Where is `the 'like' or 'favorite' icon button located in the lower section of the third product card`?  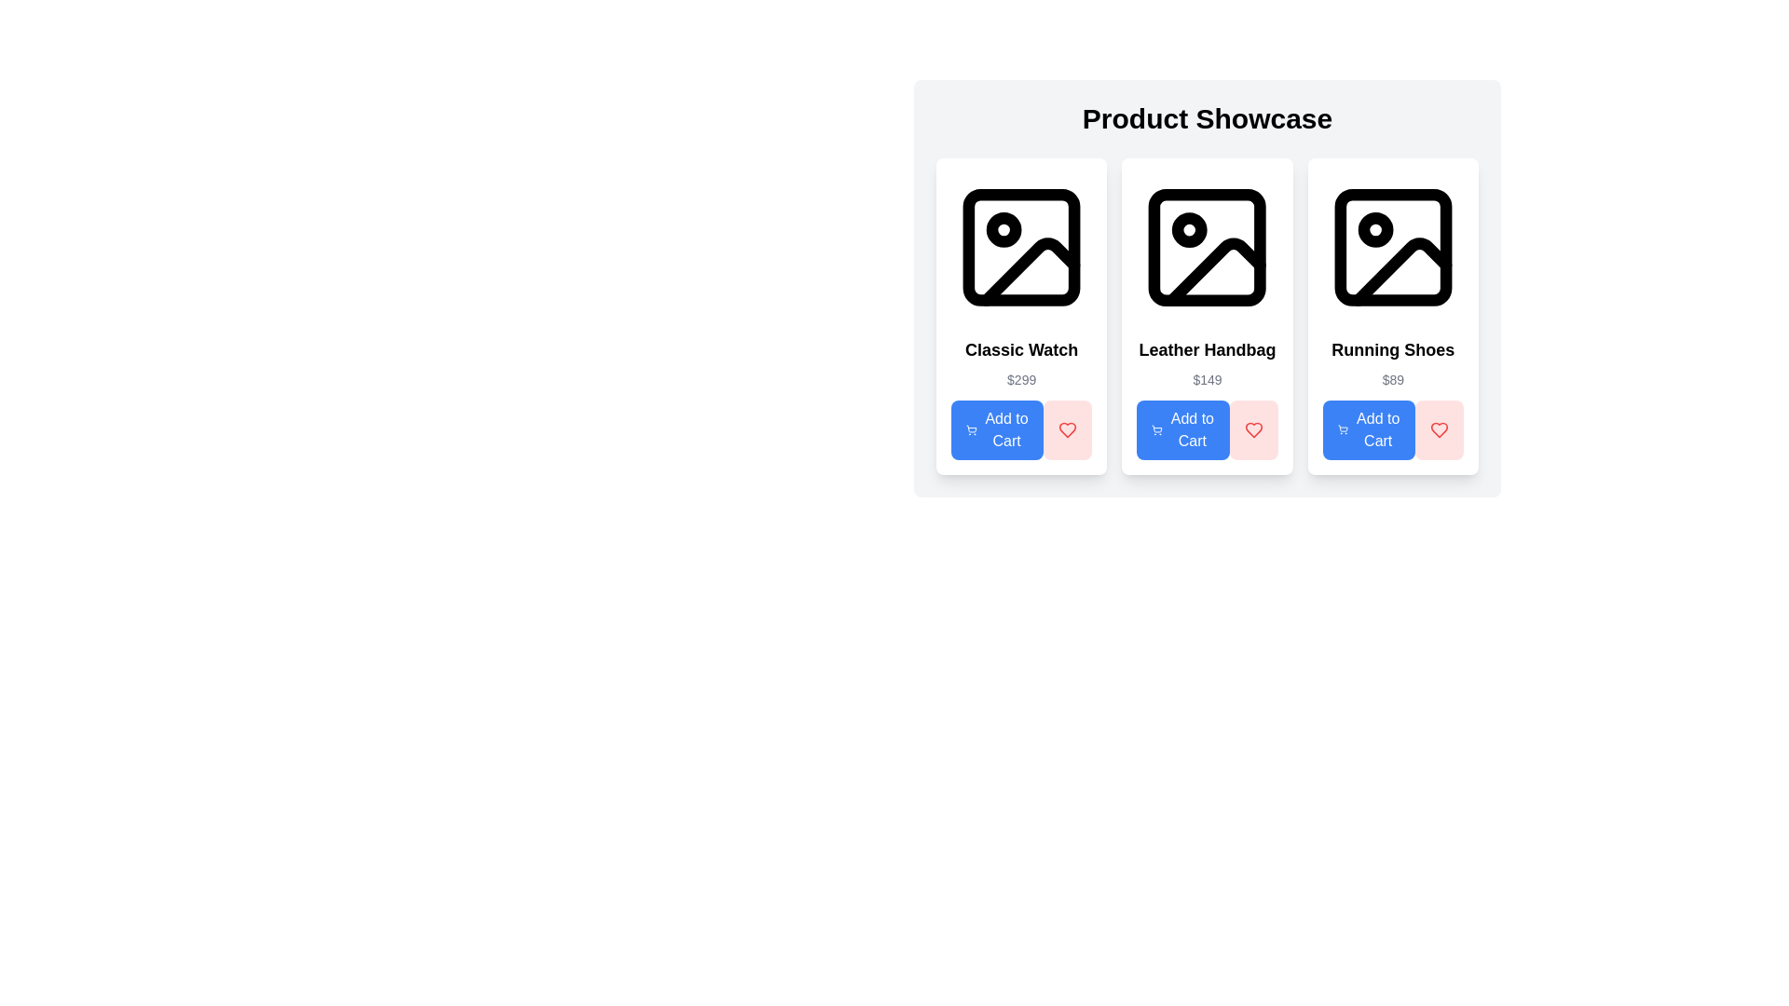
the 'like' or 'favorite' icon button located in the lower section of the third product card is located at coordinates (1439, 430).